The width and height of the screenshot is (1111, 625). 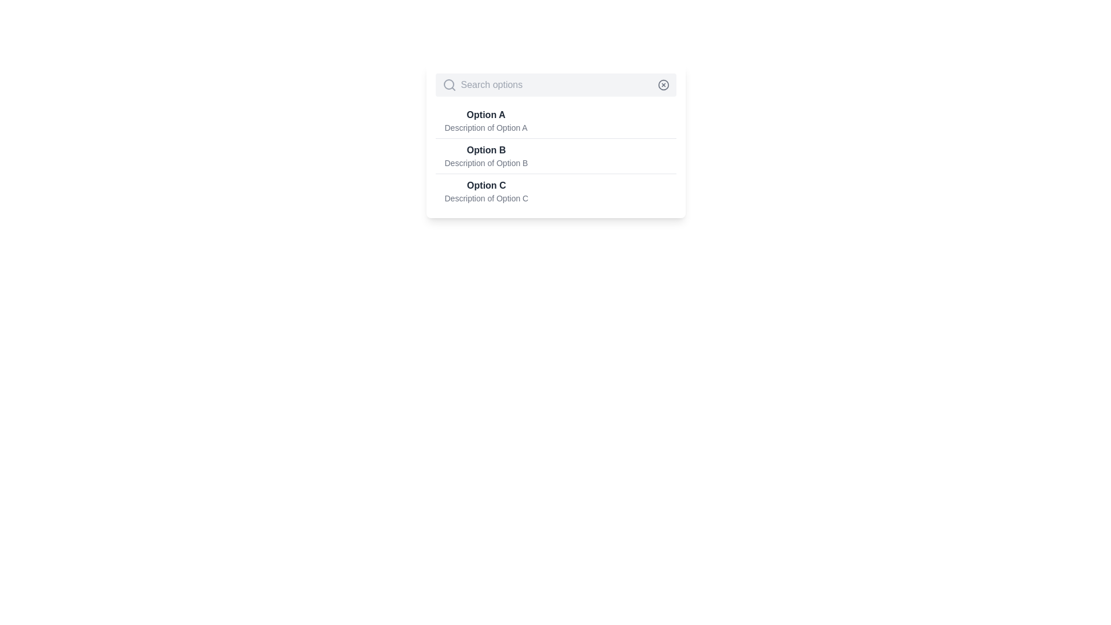 I want to click on the first list item in the dropdown menu, so click(x=486, y=120).